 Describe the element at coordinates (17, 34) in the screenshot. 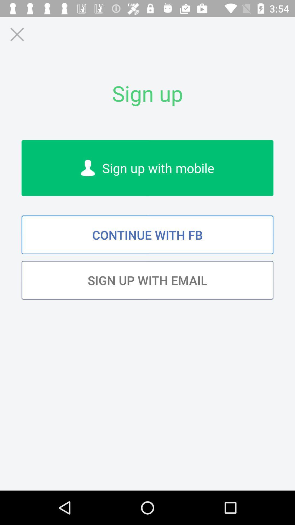

I see `page` at that location.